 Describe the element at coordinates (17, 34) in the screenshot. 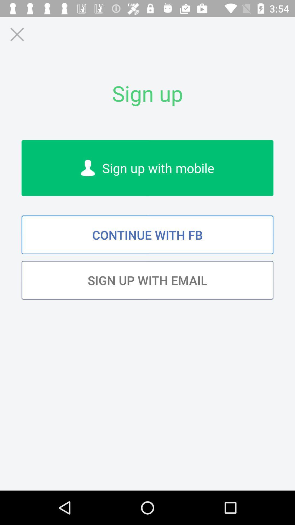

I see `page` at that location.